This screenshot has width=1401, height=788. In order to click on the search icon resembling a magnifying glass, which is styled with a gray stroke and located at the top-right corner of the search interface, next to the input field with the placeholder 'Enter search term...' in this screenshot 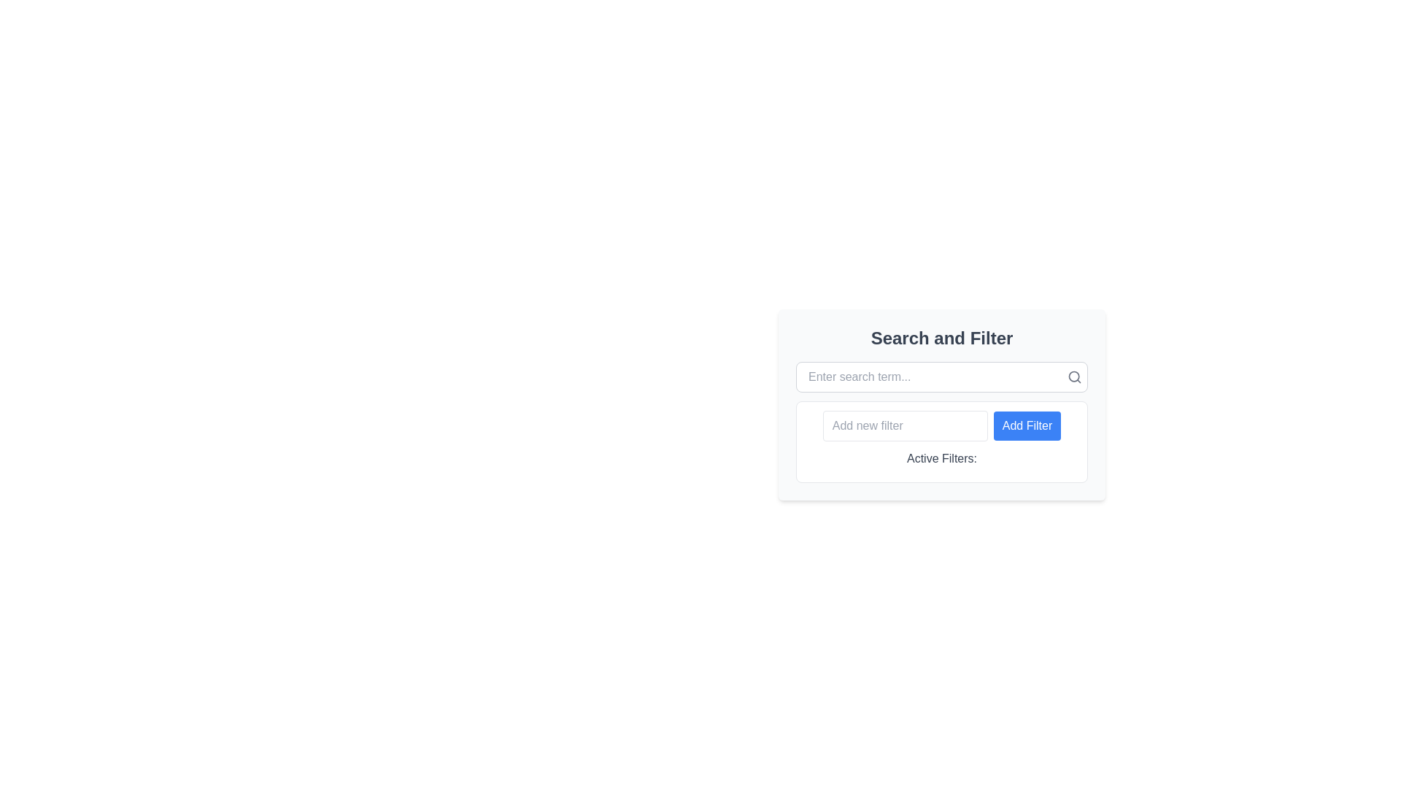, I will do `click(1075, 376)`.